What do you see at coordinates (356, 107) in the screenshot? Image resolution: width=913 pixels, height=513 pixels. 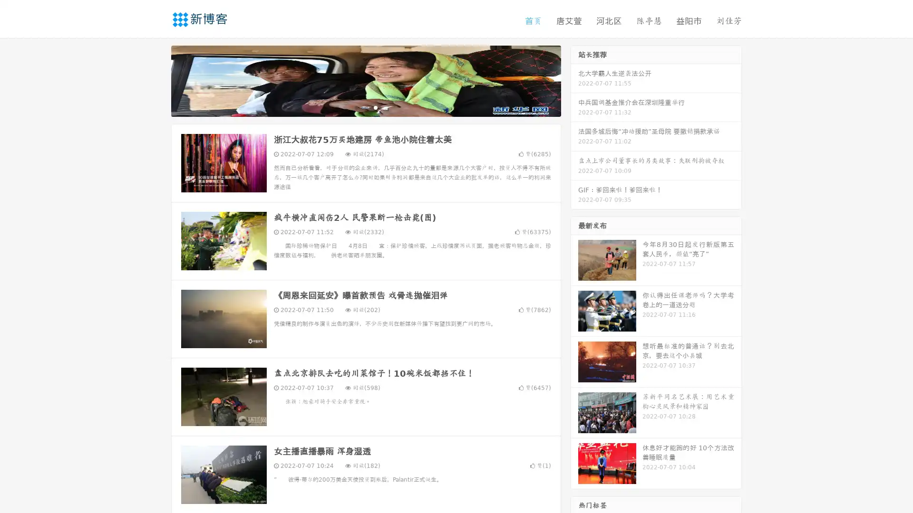 I see `Go to slide 1` at bounding box center [356, 107].